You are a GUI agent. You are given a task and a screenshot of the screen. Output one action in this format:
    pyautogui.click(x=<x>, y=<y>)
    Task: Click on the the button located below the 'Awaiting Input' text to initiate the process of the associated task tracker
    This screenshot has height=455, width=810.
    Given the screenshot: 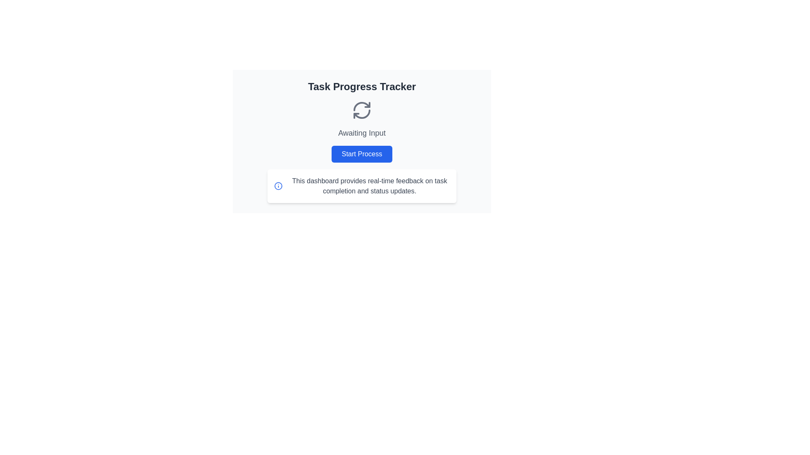 What is the action you would take?
    pyautogui.click(x=362, y=154)
    